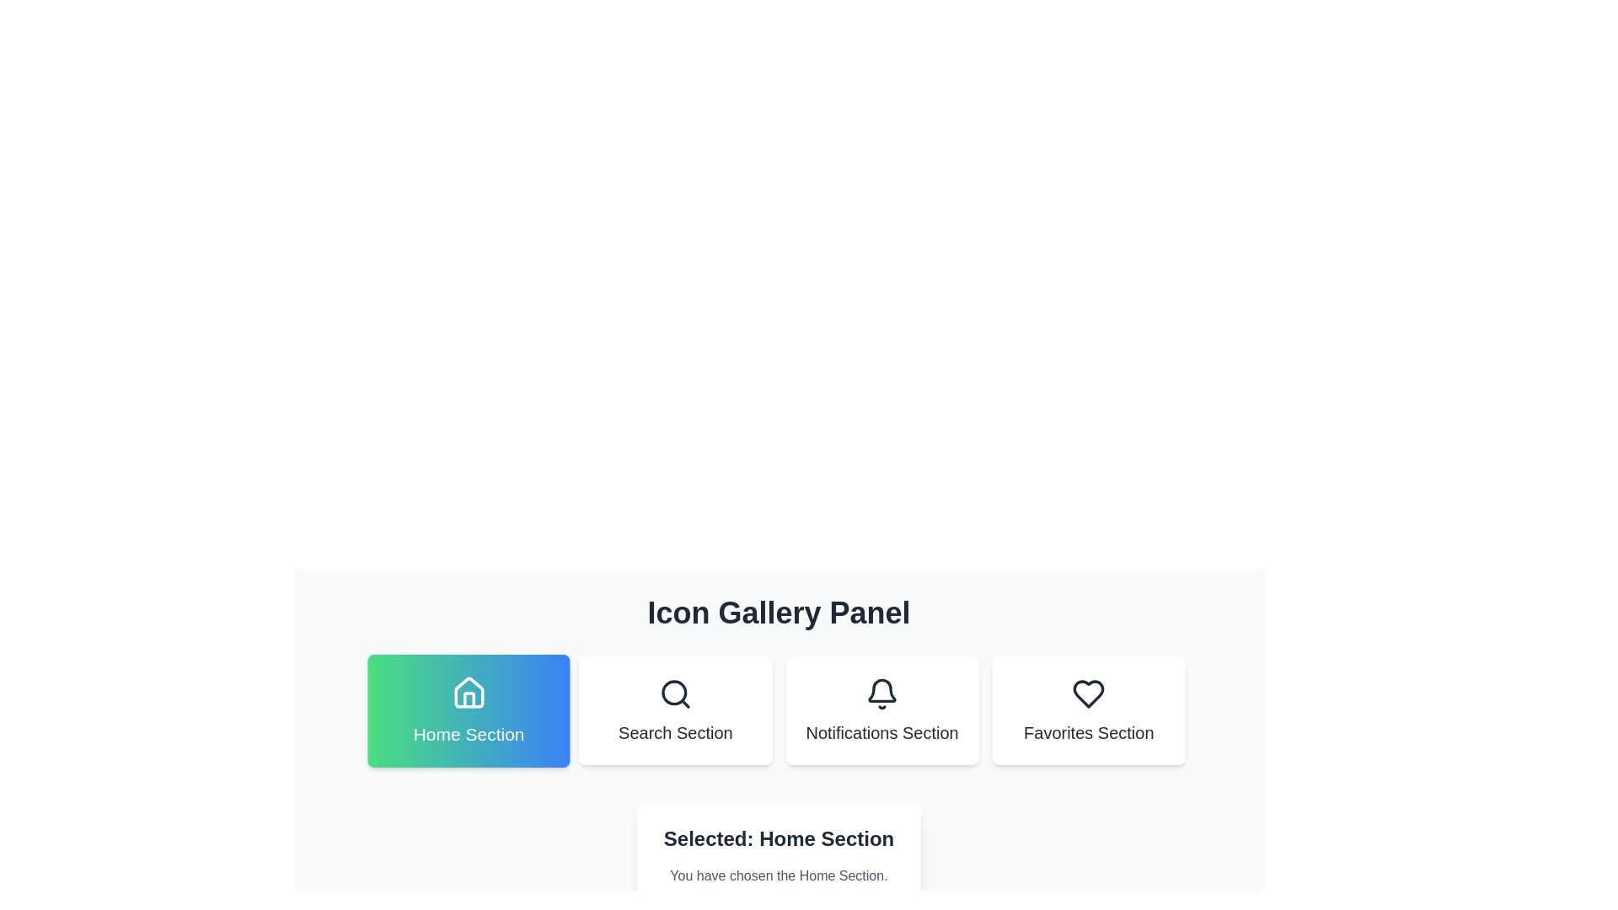 The width and height of the screenshot is (1618, 910). I want to click on the button located centrally beneath the 'Icon Gallery Panel' heading, which is the second card in a row of four, so click(675, 711).